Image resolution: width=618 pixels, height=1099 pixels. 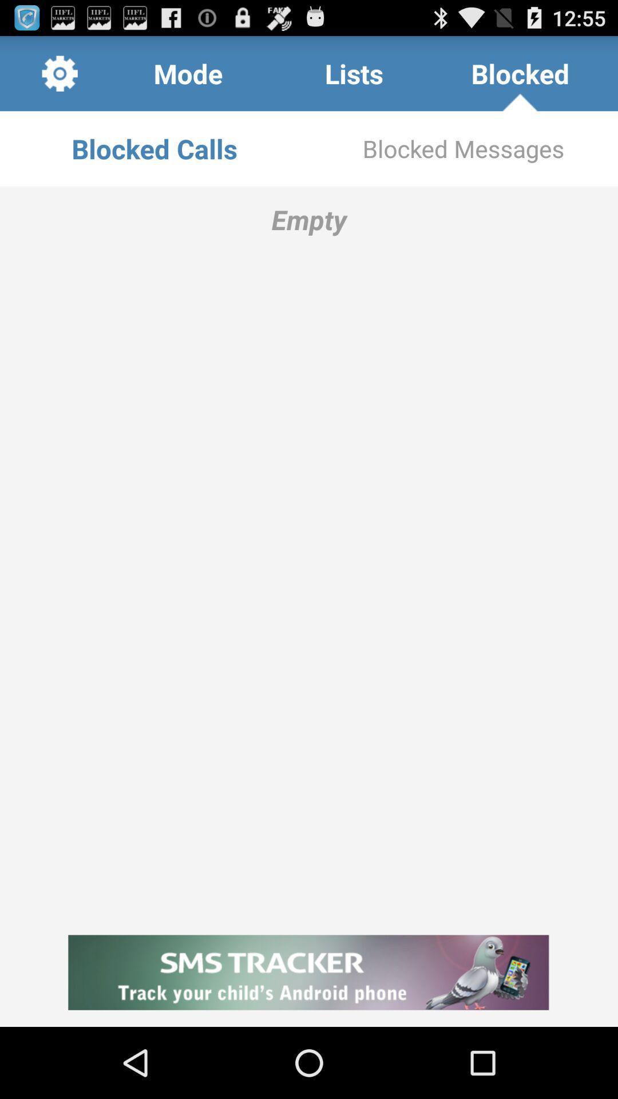 What do you see at coordinates (463, 148) in the screenshot?
I see `app next to the blocked calls icon` at bounding box center [463, 148].